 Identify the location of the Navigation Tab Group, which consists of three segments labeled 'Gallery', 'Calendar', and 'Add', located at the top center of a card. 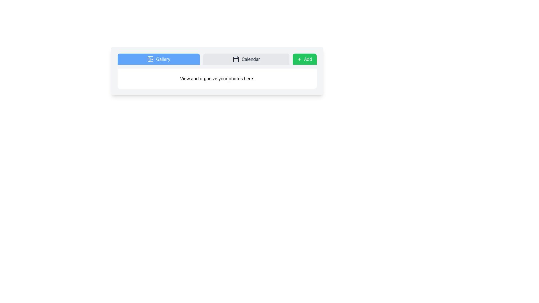
(217, 61).